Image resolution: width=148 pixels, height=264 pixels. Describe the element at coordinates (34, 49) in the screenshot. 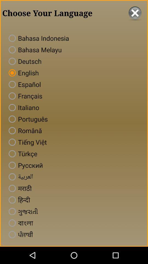

I see `bahasa melayu` at that location.